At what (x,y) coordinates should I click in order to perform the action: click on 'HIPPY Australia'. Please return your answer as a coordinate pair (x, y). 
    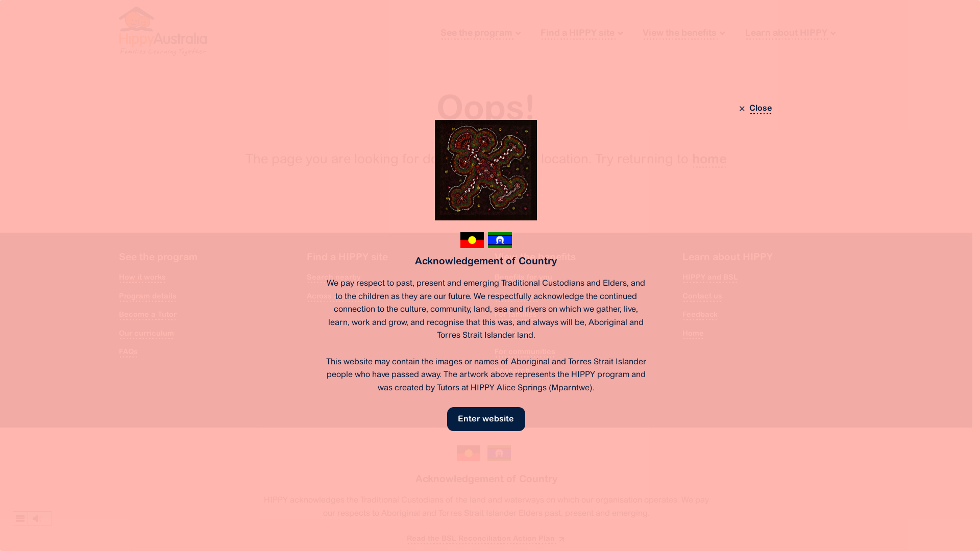
    Looking at the image, I should click on (162, 31).